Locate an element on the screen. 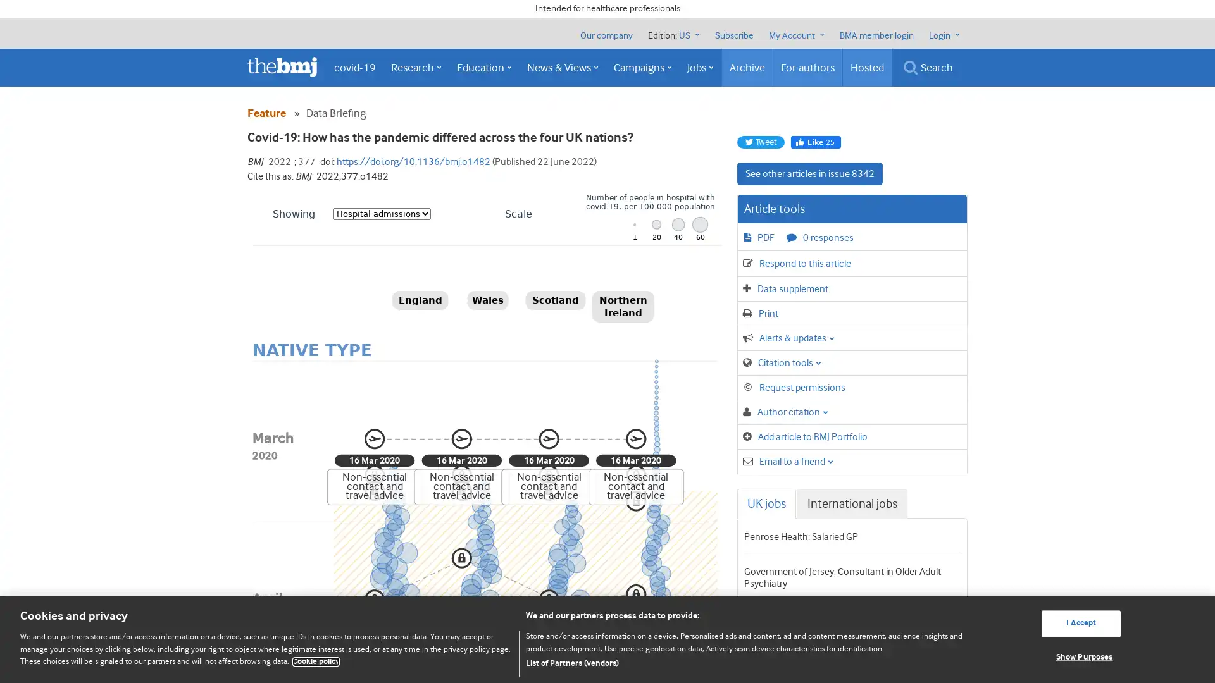  Citation tools is located at coordinates (788, 363).